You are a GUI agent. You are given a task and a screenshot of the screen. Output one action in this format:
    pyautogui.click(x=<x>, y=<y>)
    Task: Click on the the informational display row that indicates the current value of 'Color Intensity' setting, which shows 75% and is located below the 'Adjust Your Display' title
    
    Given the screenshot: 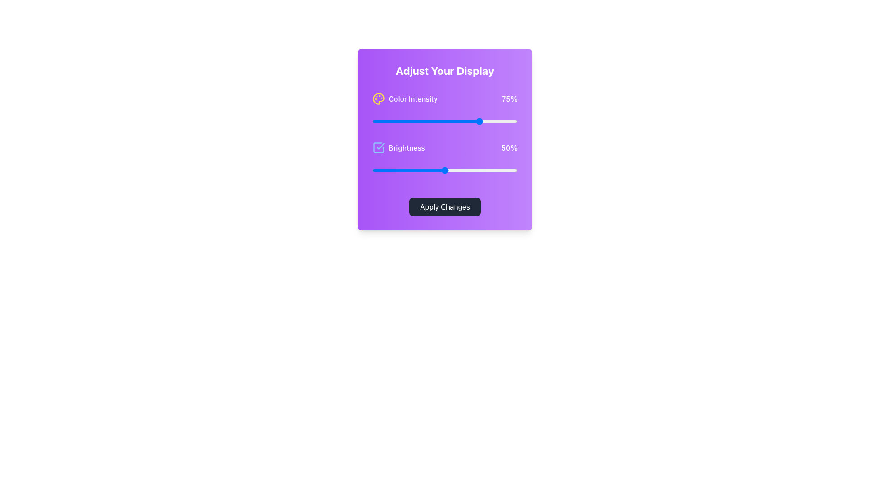 What is the action you would take?
    pyautogui.click(x=445, y=99)
    